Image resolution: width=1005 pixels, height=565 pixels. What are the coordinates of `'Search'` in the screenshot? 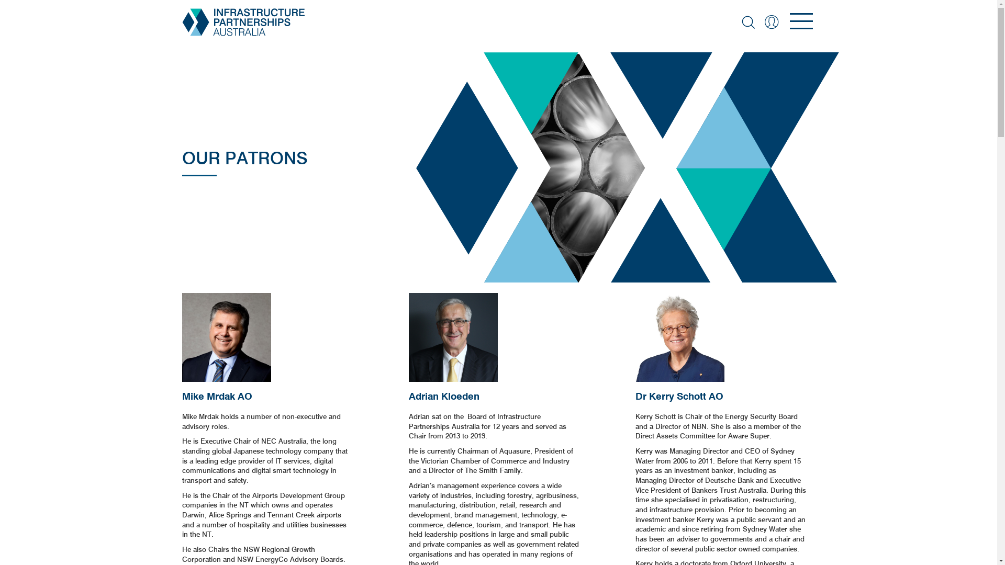 It's located at (747, 22).